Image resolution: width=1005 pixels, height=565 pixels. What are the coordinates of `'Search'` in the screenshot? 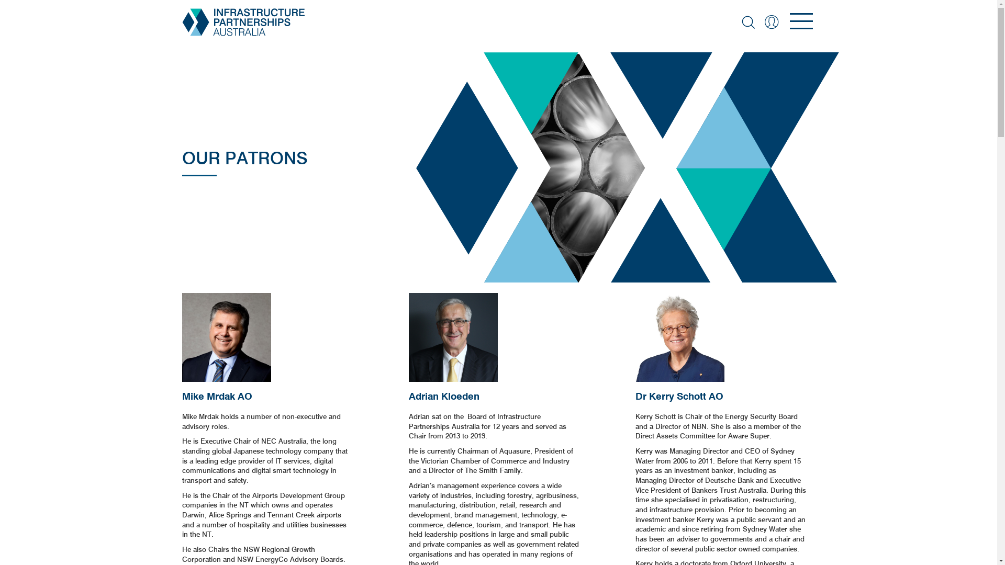 It's located at (747, 22).